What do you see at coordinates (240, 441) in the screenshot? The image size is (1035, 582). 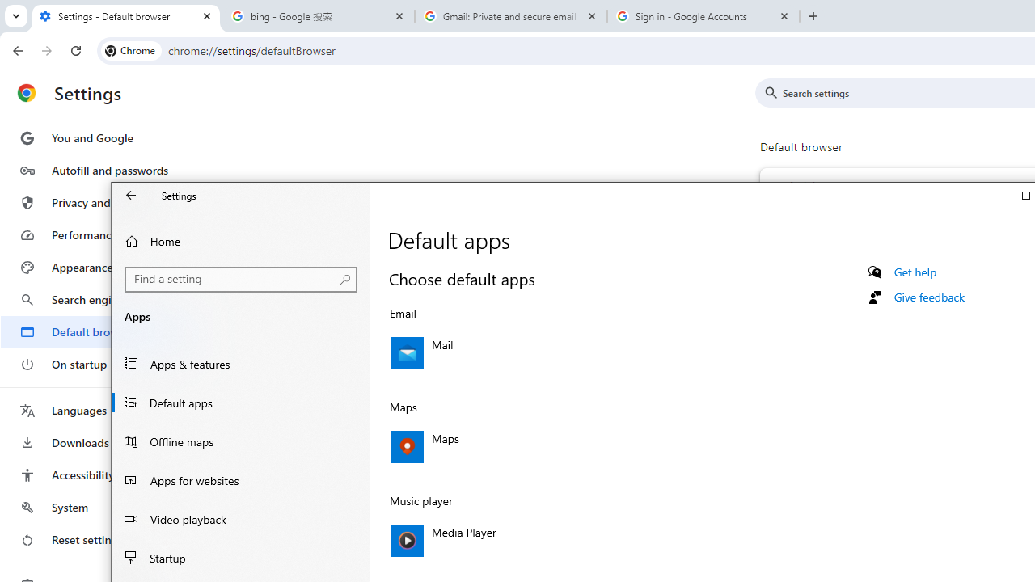 I see `'Offline maps'` at bounding box center [240, 441].